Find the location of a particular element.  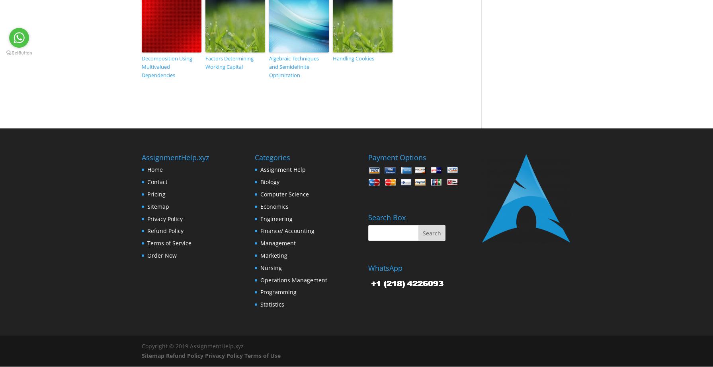

'Terms of Use' is located at coordinates (262, 355).